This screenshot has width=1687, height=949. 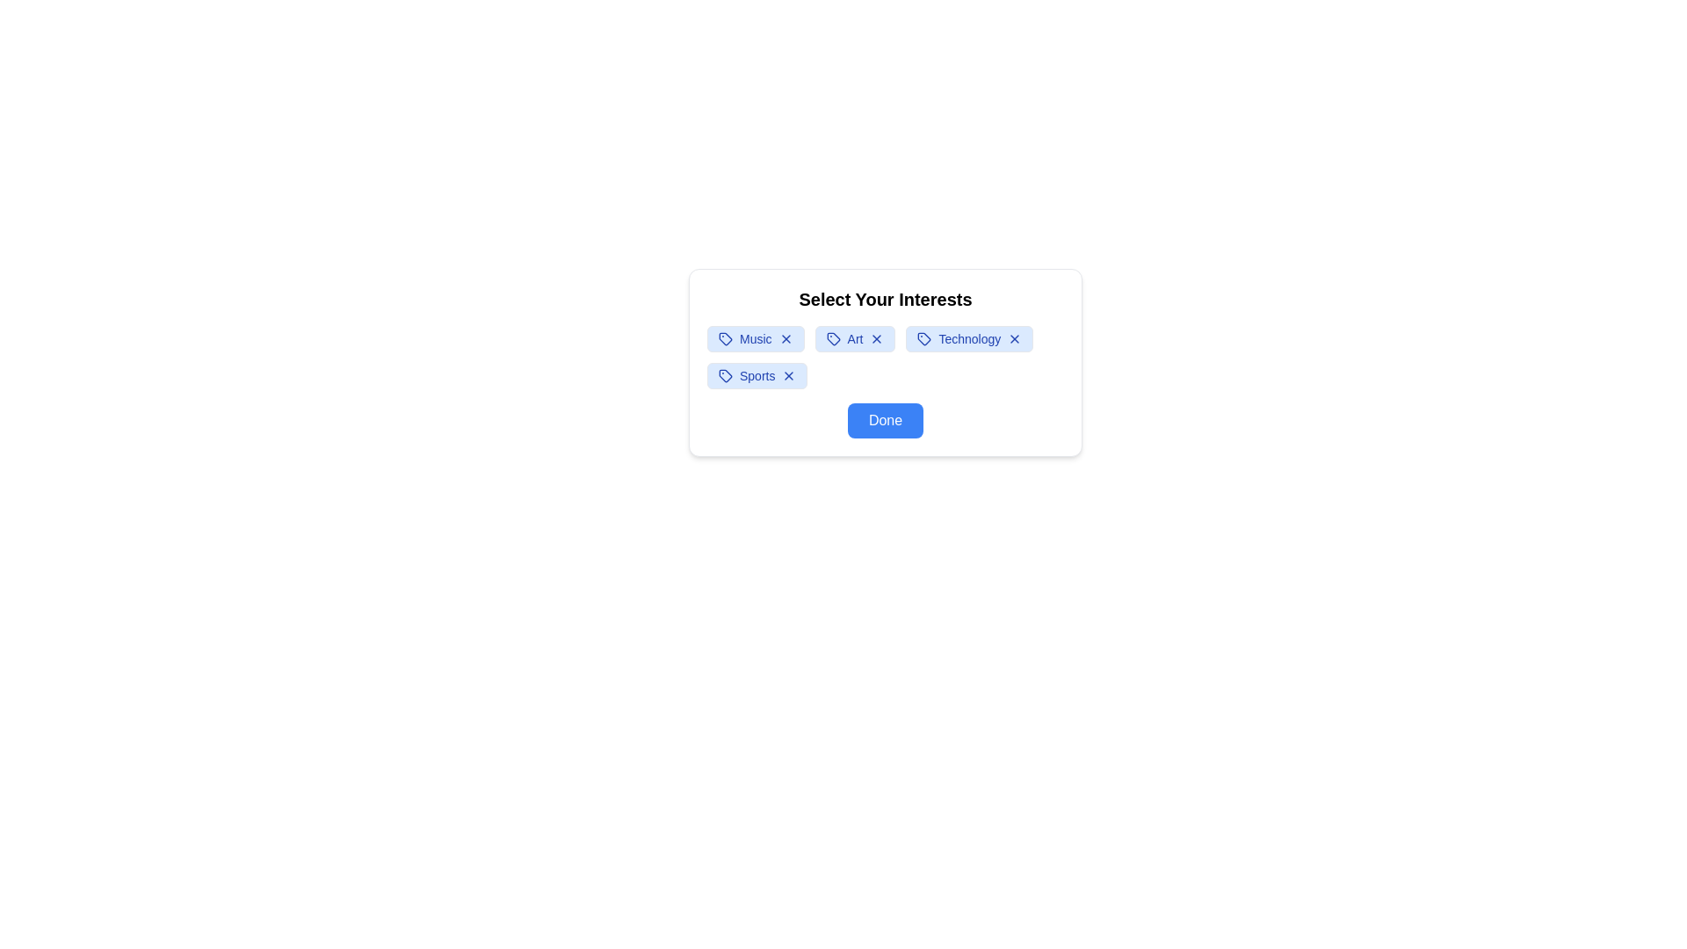 What do you see at coordinates (877, 338) in the screenshot?
I see `close (X) button on the interest tag labeled Art` at bounding box center [877, 338].